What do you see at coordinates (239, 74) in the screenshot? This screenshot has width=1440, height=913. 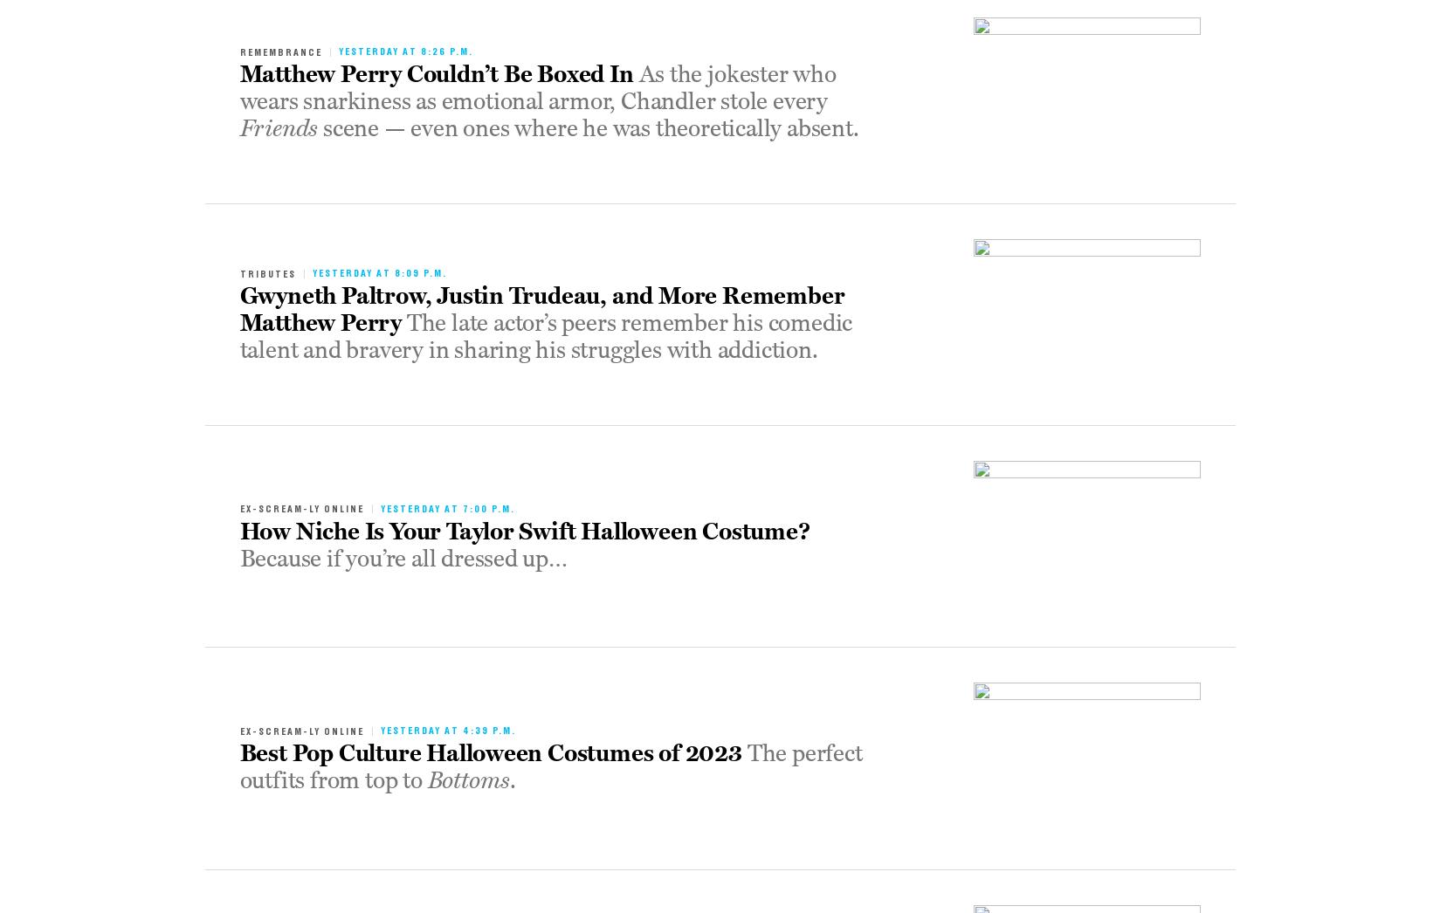 I see `'Matthew Perry Couldn’t Be Boxed In'` at bounding box center [239, 74].